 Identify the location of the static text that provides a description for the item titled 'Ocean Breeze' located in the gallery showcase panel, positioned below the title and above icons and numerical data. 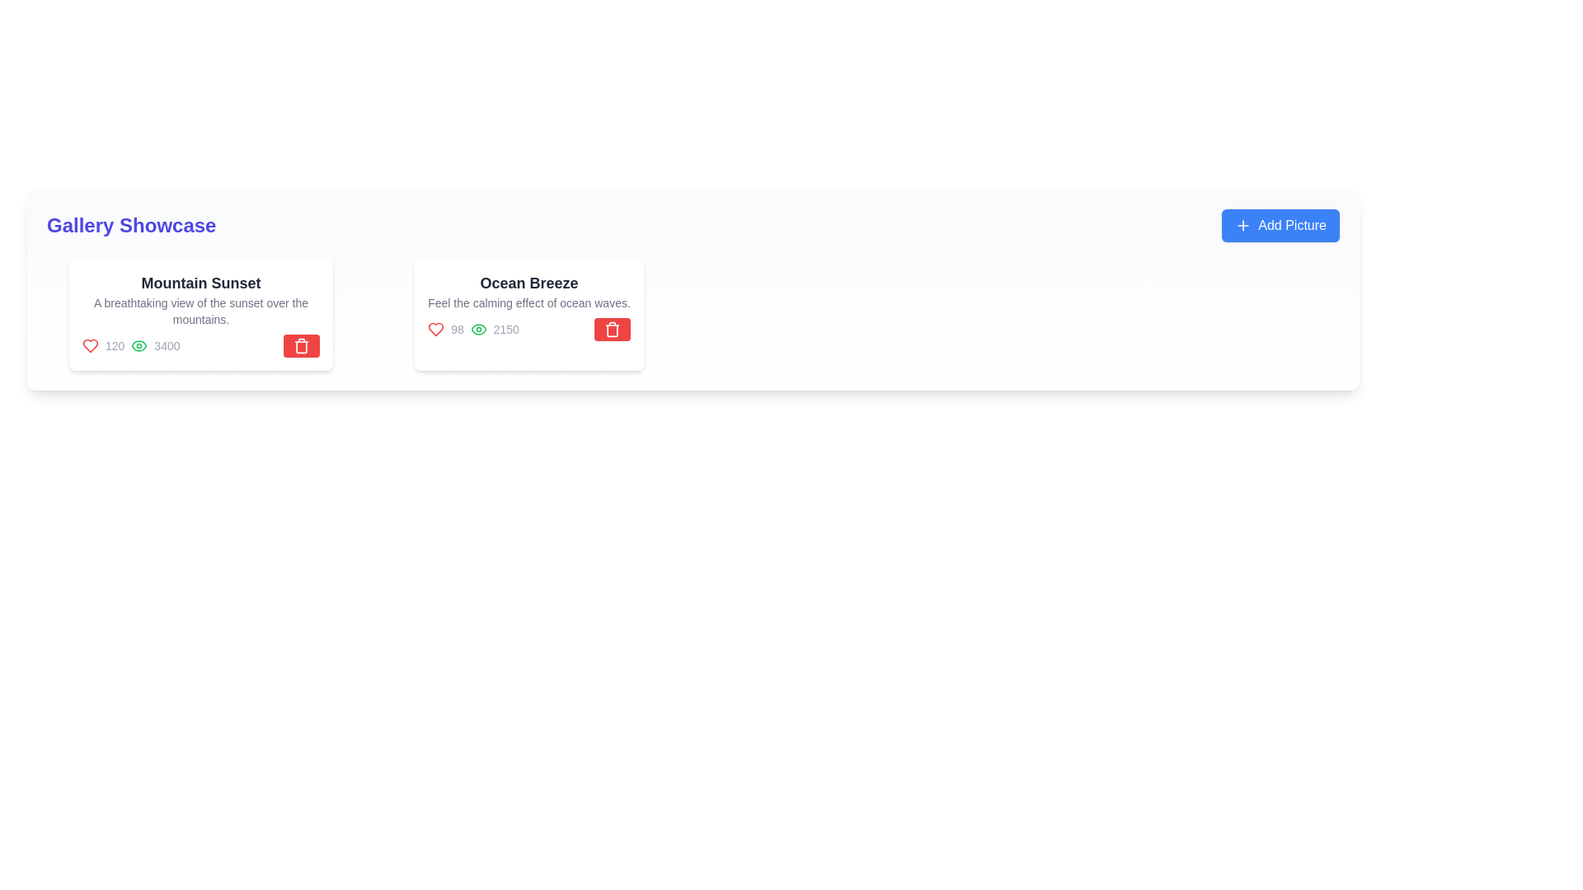
(529, 302).